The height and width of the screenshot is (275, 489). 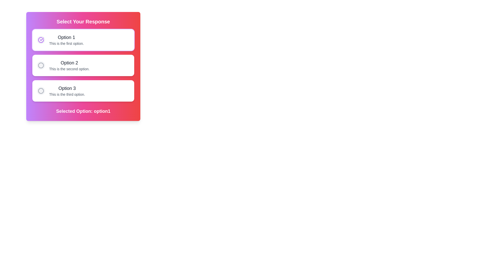 I want to click on the text label that says 'This is the second option.' which is positioned below the 'Option 2' radio button, so click(x=69, y=69).